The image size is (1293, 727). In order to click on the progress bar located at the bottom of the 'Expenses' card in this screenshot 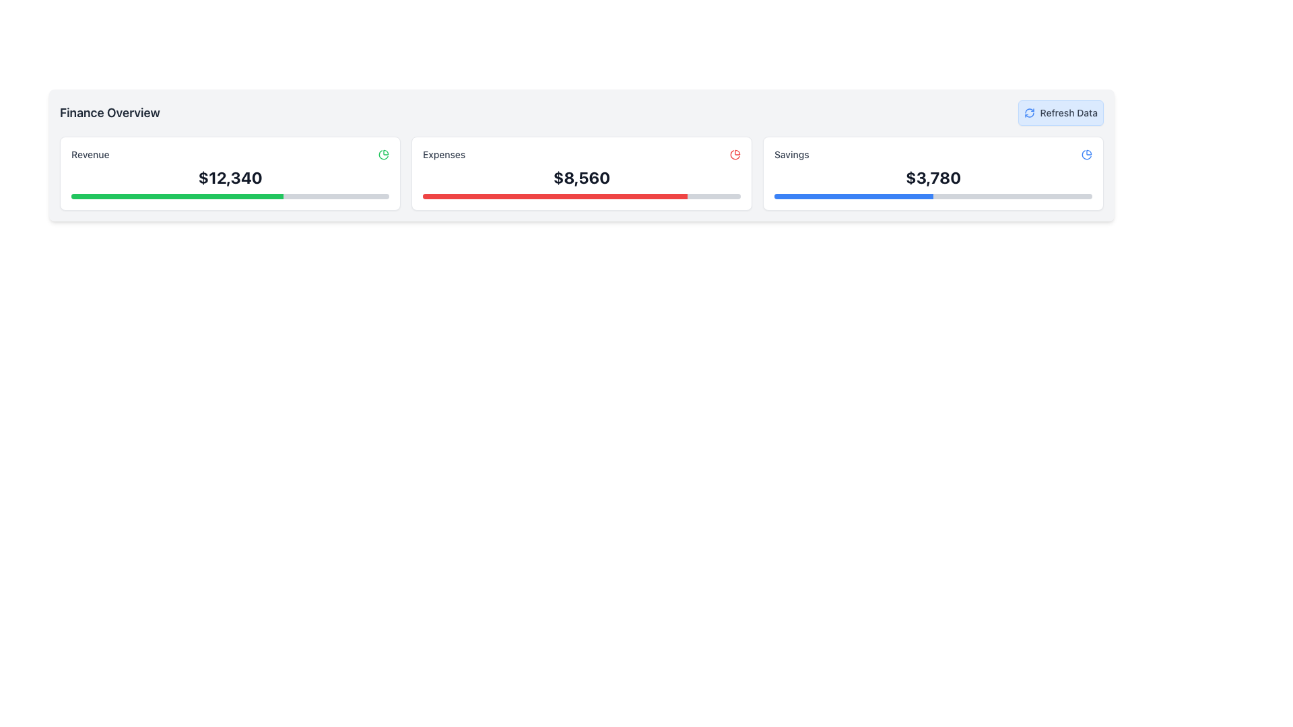, I will do `click(582, 197)`.